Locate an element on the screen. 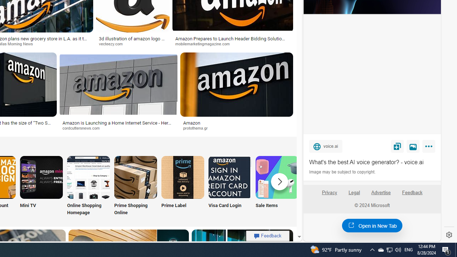 The image size is (457, 257). 'Amazon Sale Items' is located at coordinates (276, 177).